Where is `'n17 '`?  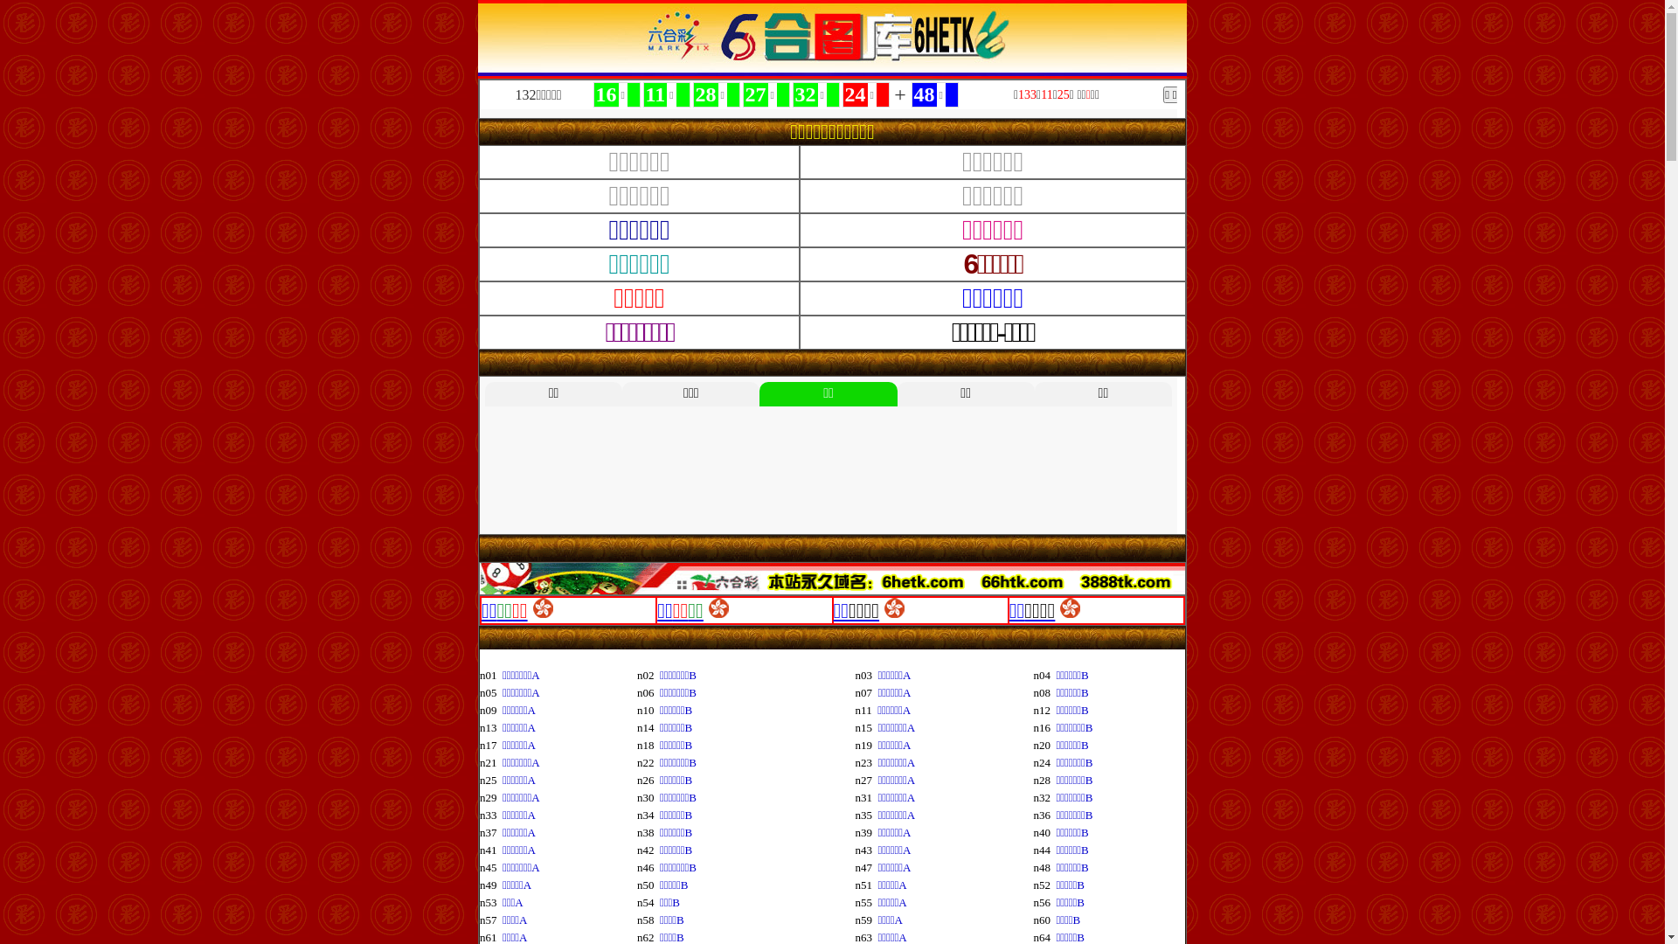 'n17 ' is located at coordinates (479, 745).